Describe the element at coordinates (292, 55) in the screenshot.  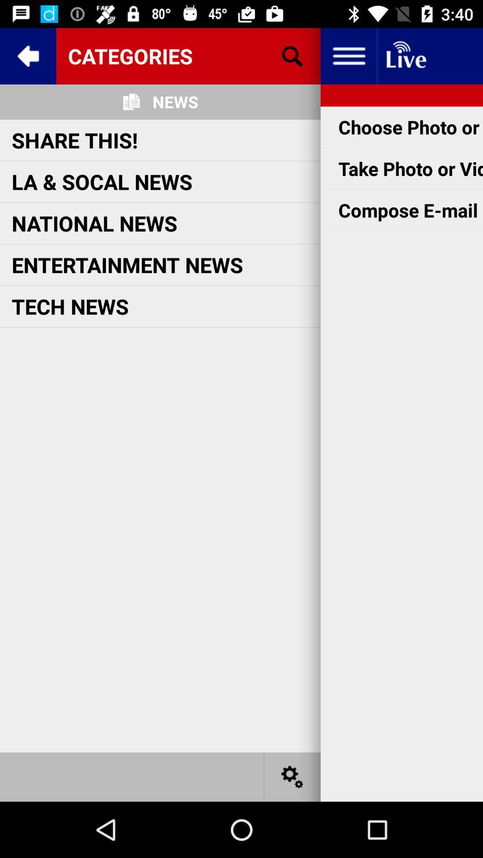
I see `the search icon` at that location.